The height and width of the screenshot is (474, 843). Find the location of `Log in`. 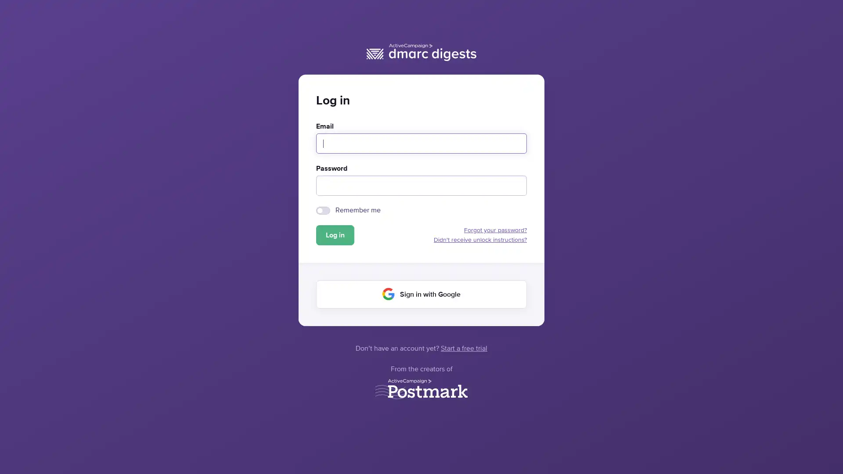

Log in is located at coordinates (335, 235).